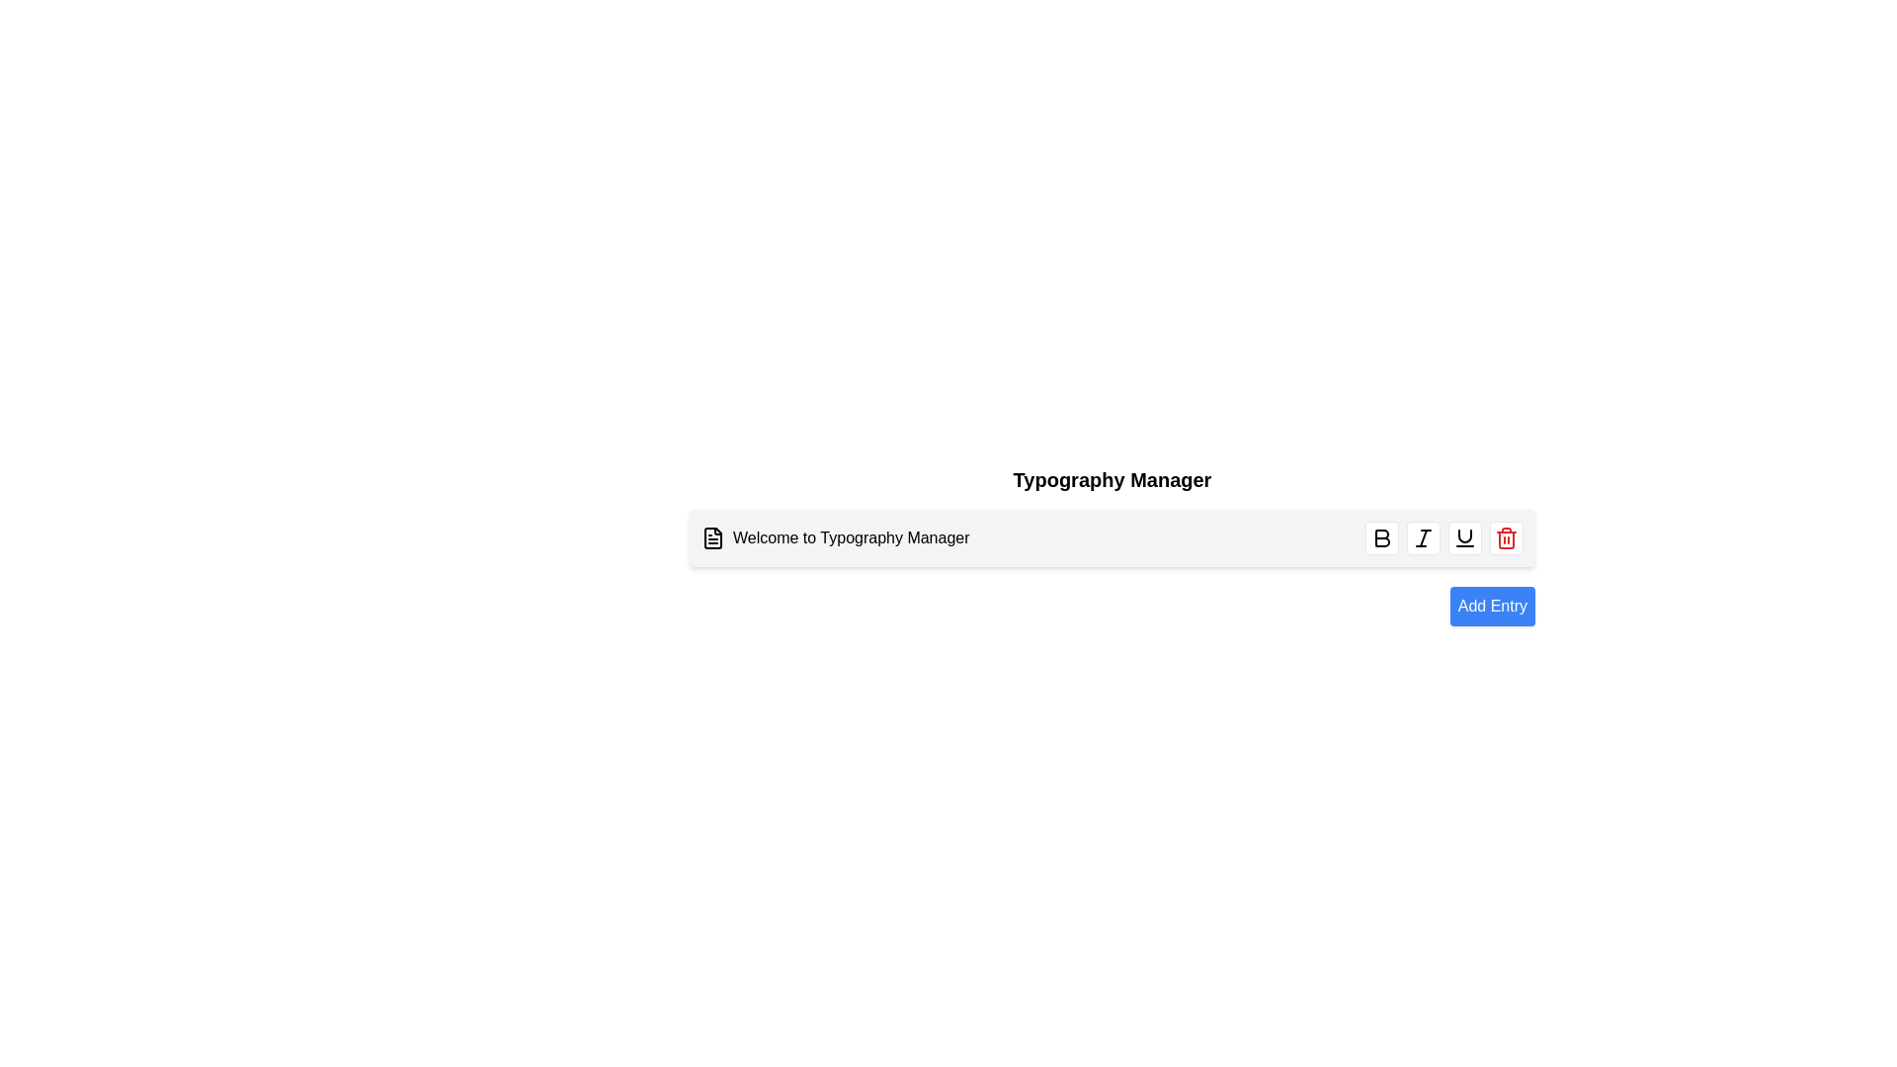 Image resolution: width=1897 pixels, height=1067 pixels. What do you see at coordinates (1465, 536) in the screenshot?
I see `the upper part of the text formatting icon that resembles a downward arc to apply the underline style` at bounding box center [1465, 536].